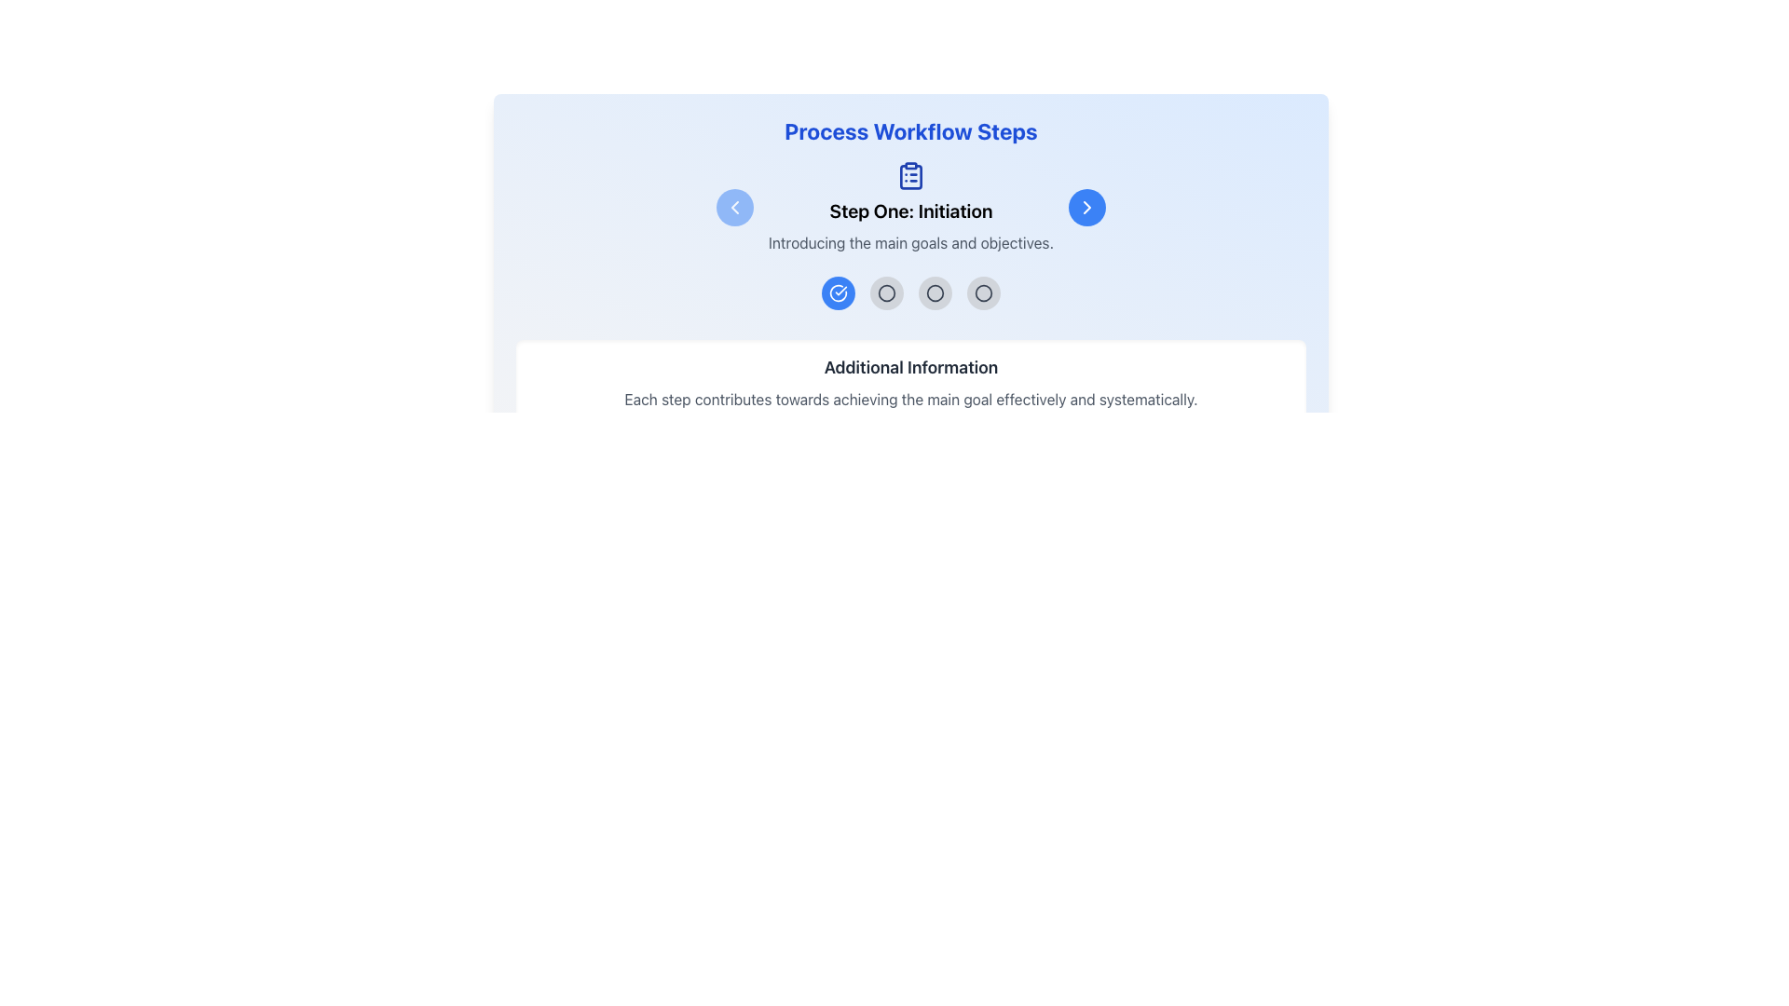  What do you see at coordinates (1086, 208) in the screenshot?
I see `the blue circular button with a white rightward arrow located to the right of the 'Step One: Initiation' text in the 'Process Workflow Steps' section` at bounding box center [1086, 208].